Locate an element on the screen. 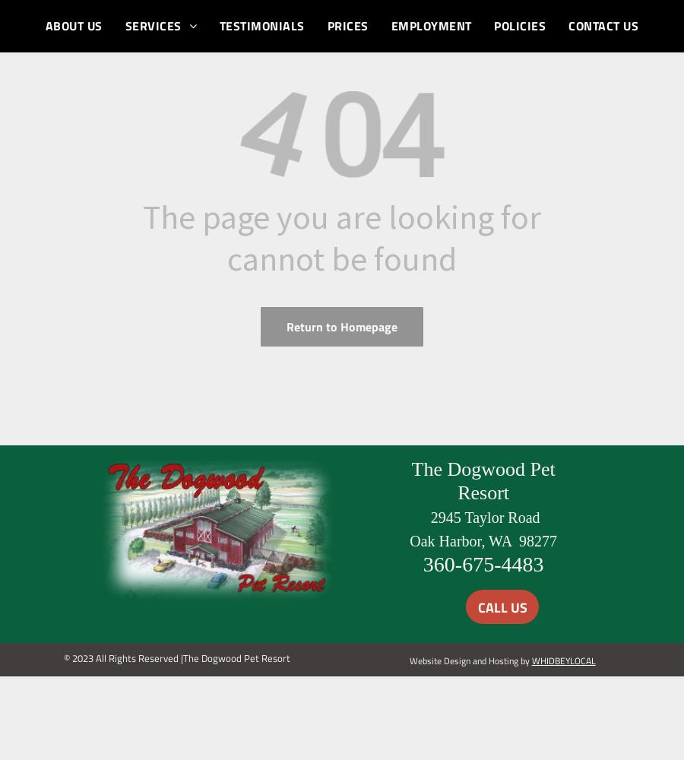 This screenshot has height=760, width=684. 'Oak Harbor, WA  98277' is located at coordinates (483, 540).